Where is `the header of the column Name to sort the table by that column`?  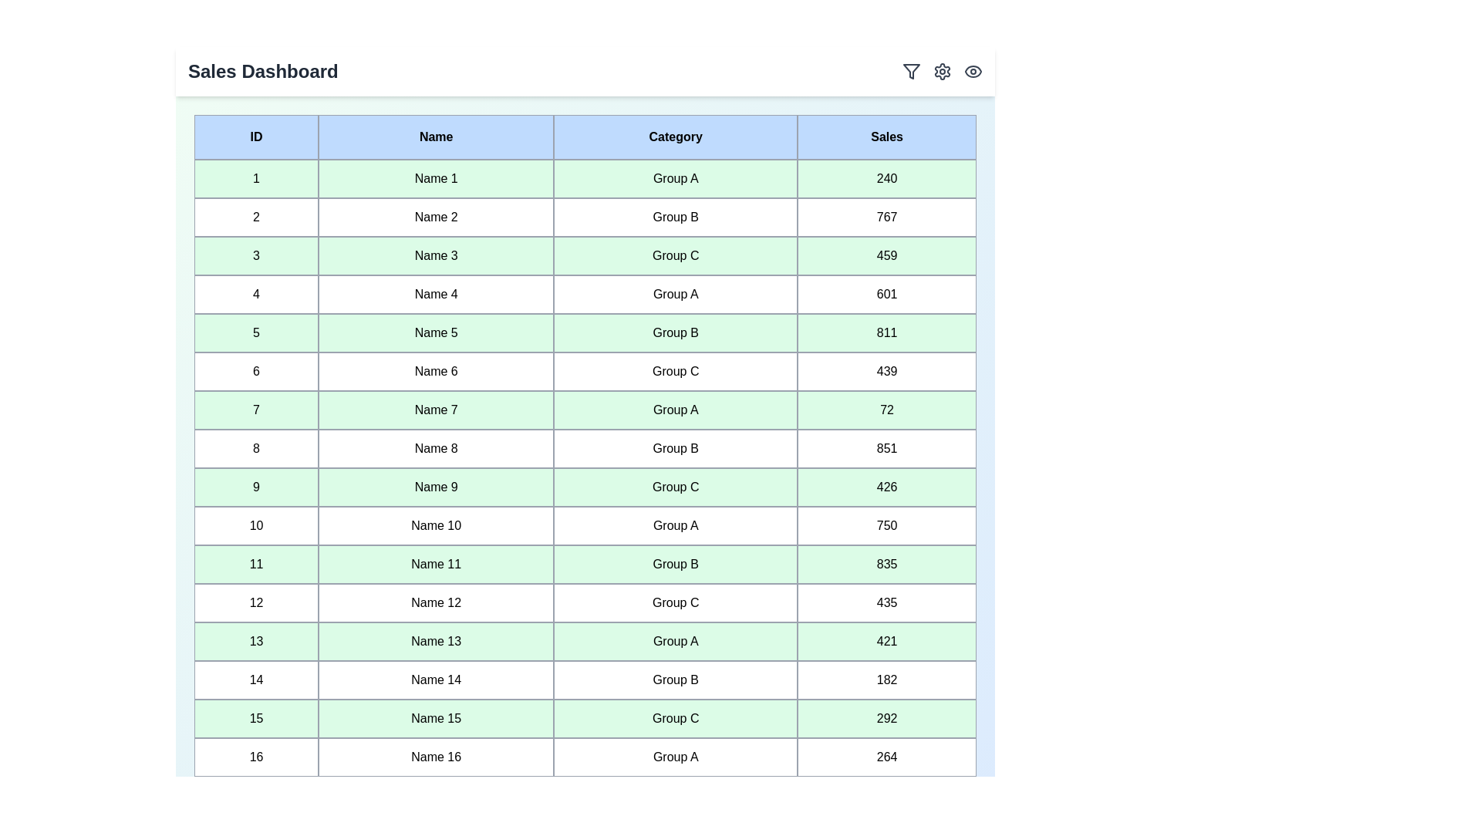 the header of the column Name to sort the table by that column is located at coordinates (436, 136).